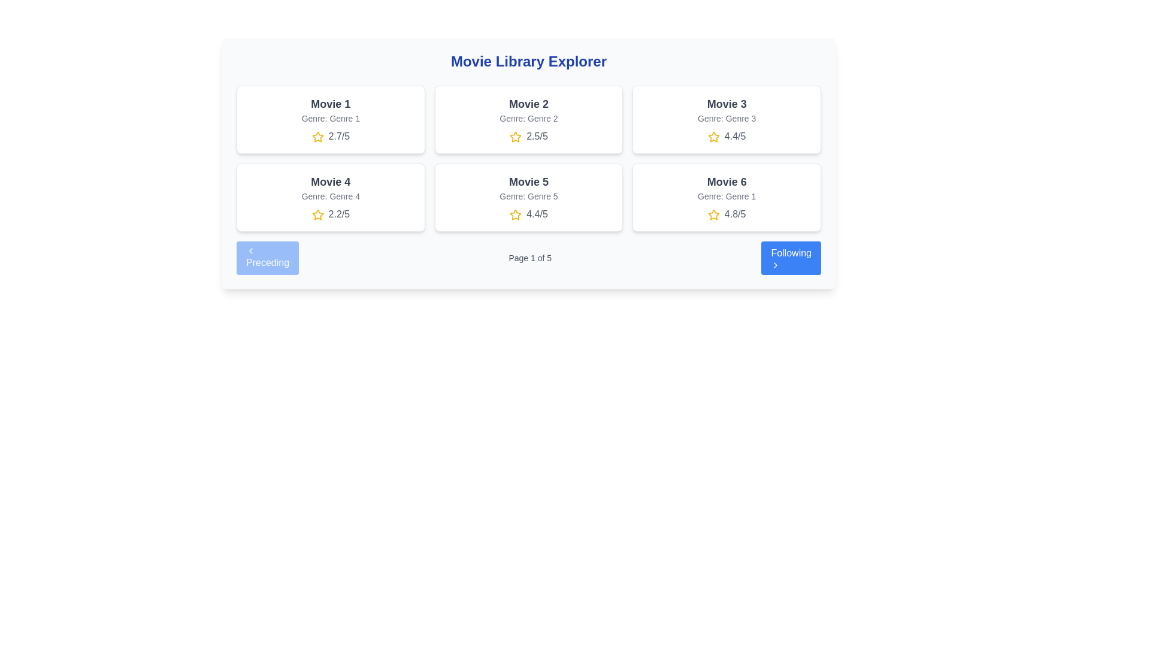 This screenshot has width=1150, height=647. Describe the element at coordinates (726, 195) in the screenshot. I see `textual information displayed in the text label showing 'Genre: Genre 1' located under the title 'Movie 6' in the card layout for 'Movie 6'` at that location.